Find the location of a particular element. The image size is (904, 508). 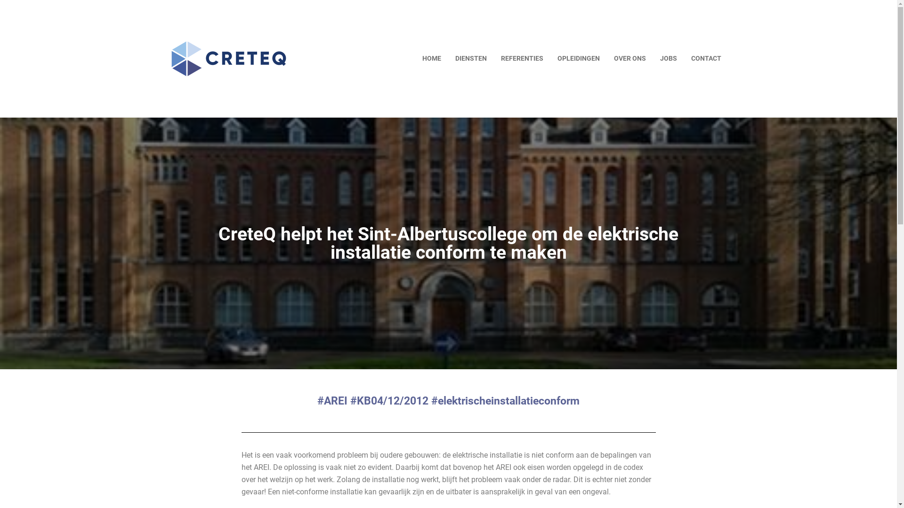

'OPLEIDINGEN' is located at coordinates (578, 58).